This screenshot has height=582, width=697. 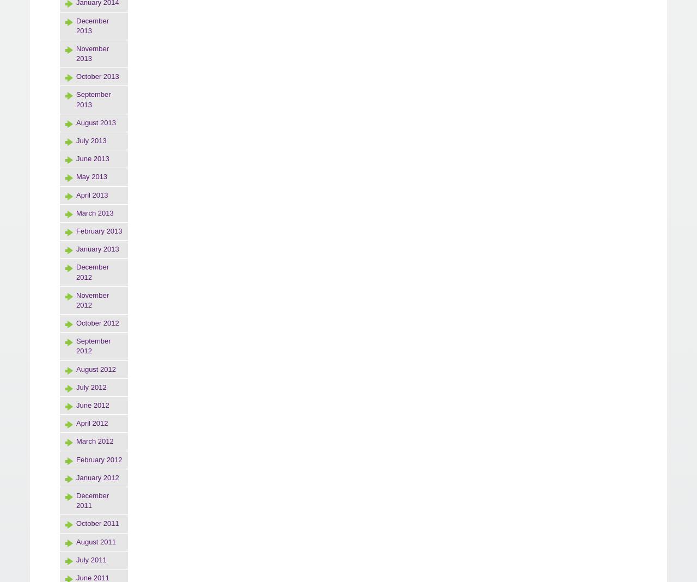 What do you see at coordinates (97, 248) in the screenshot?
I see `'January 2013'` at bounding box center [97, 248].